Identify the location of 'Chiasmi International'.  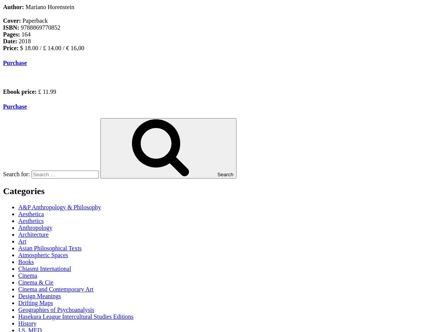
(44, 268).